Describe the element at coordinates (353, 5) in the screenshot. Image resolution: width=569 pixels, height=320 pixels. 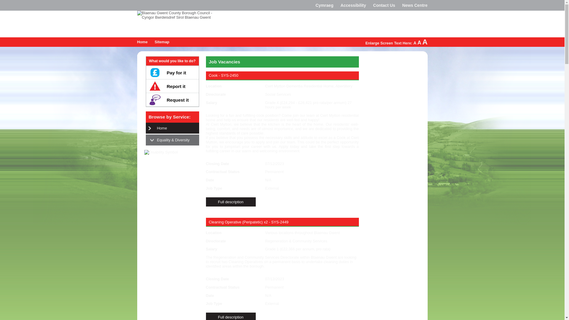
I see `'Accessibility'` at that location.